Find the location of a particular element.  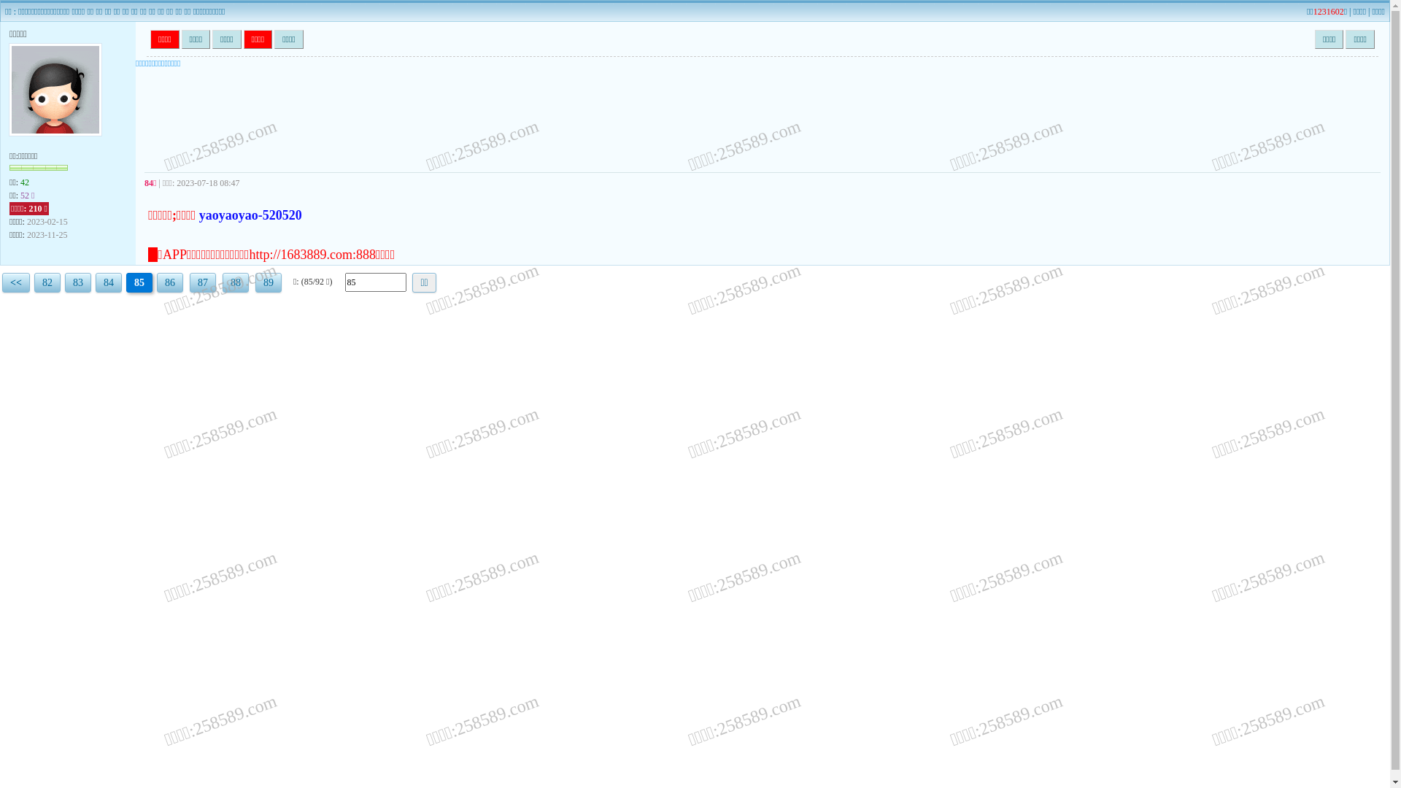

'83' is located at coordinates (77, 282).